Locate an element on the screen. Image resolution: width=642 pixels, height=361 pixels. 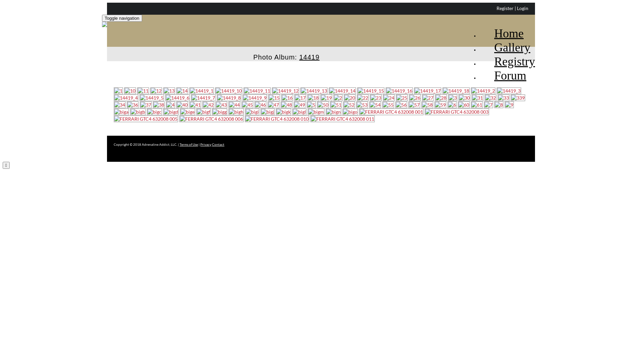
'FERRARI GTC4 632008 011 (click to enlarge)' is located at coordinates (342, 118).